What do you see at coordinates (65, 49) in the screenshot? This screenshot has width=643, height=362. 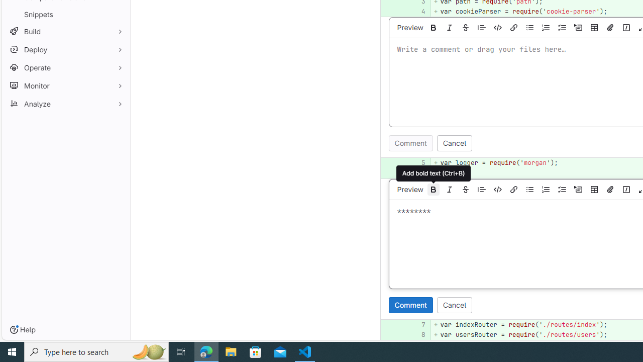 I see `'Deploy'` at bounding box center [65, 49].